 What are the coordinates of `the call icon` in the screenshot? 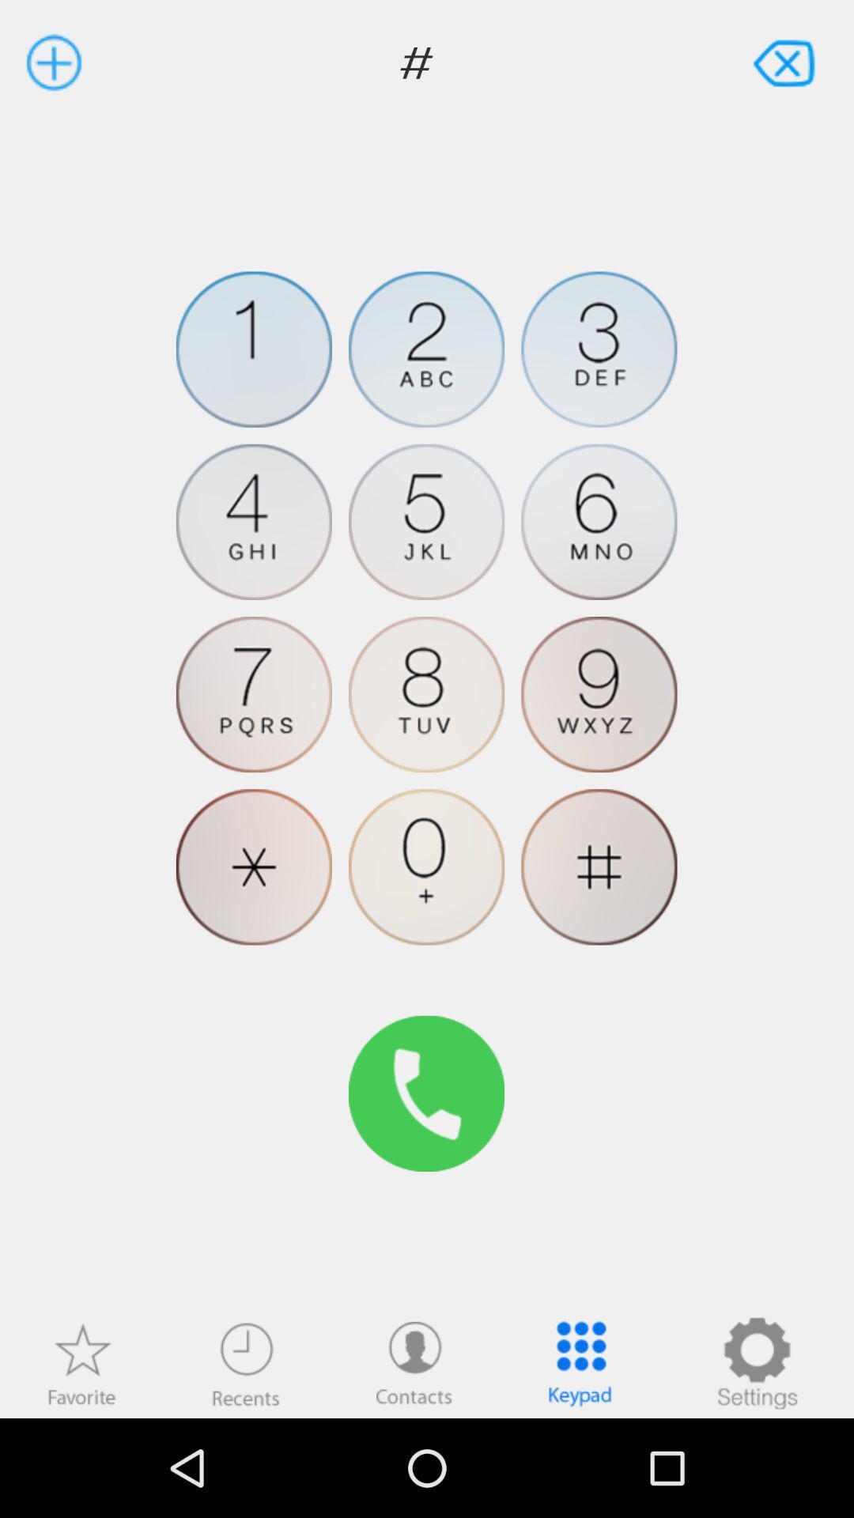 It's located at (425, 1170).